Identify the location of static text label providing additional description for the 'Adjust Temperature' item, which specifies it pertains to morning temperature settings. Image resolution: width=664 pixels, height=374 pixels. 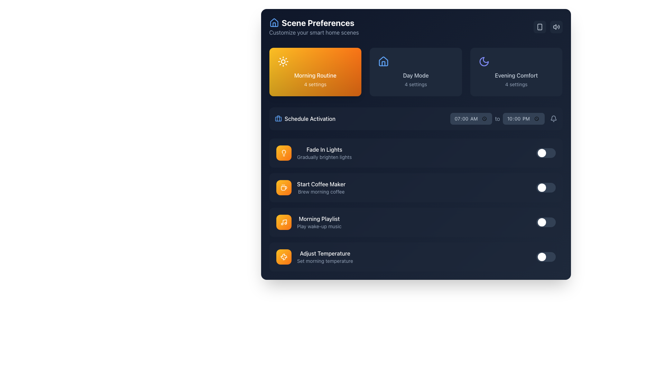
(324, 261).